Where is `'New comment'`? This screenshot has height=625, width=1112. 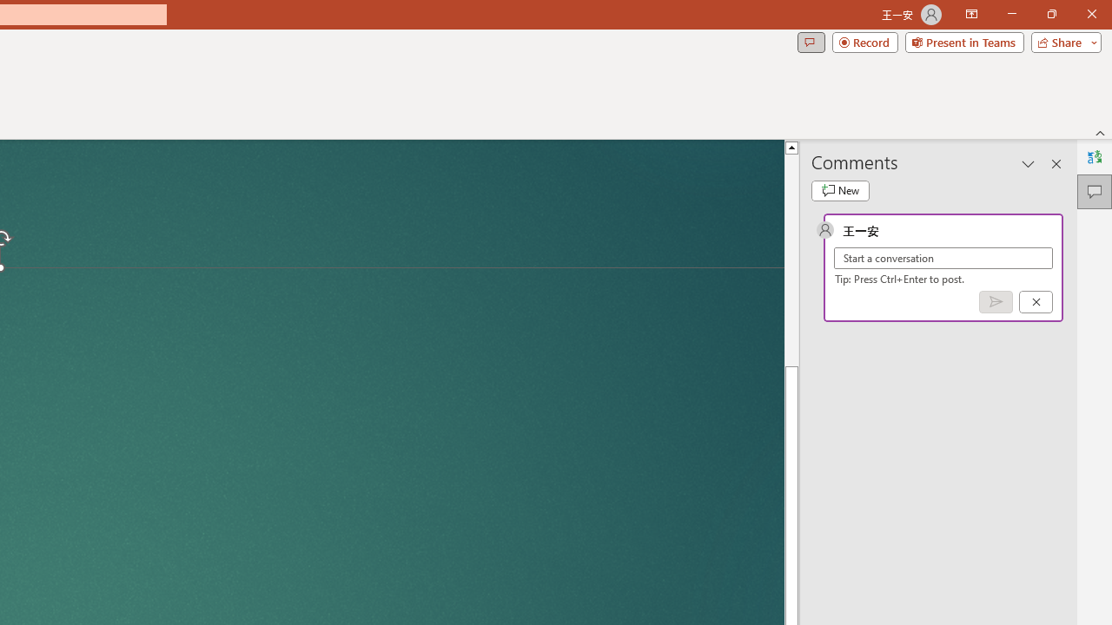 'New comment' is located at coordinates (840, 190).